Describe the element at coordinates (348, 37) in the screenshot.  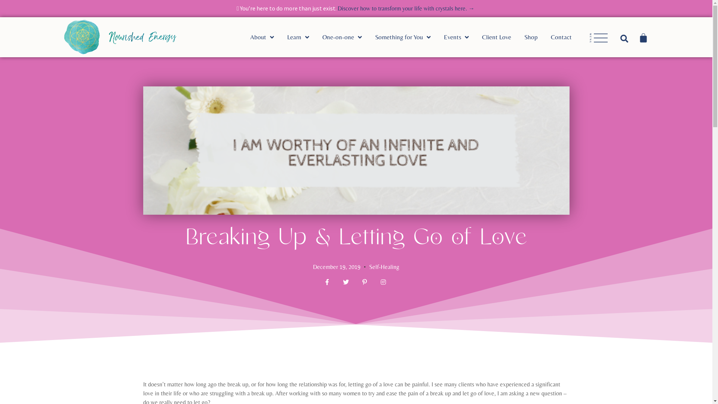
I see `'One-on-one'` at that location.